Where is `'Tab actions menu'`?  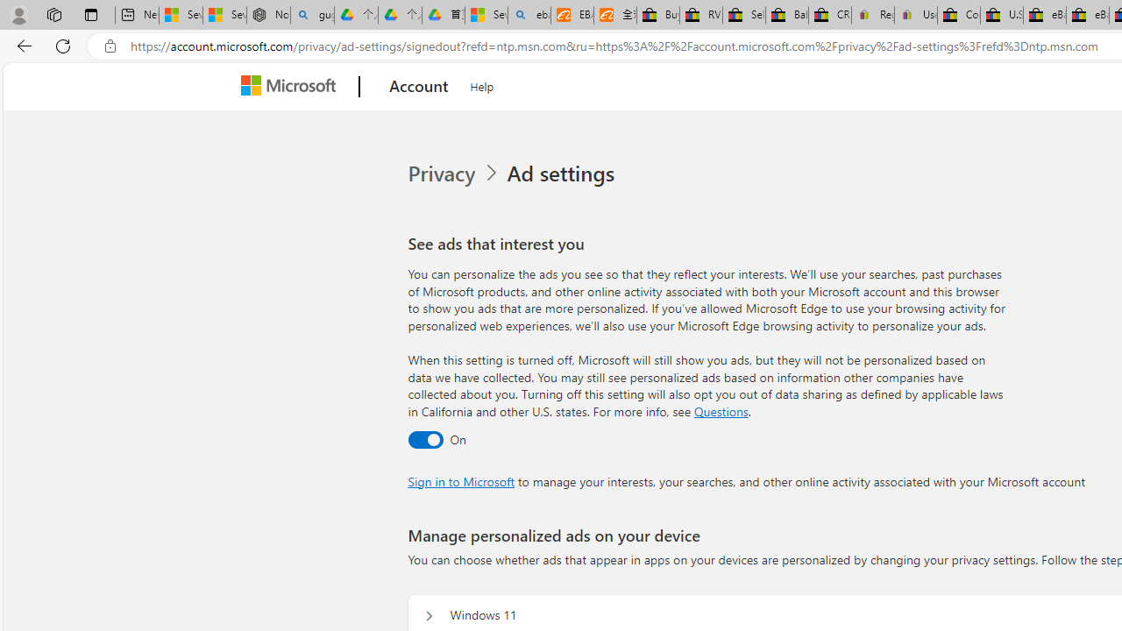 'Tab actions menu' is located at coordinates (90, 14).